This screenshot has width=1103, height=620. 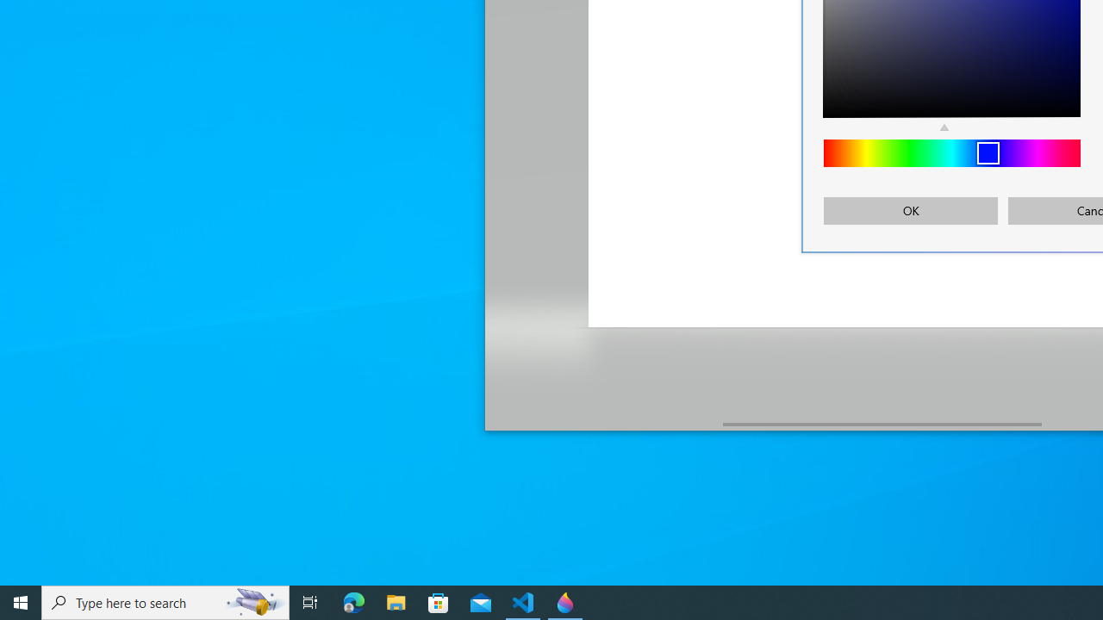 What do you see at coordinates (353, 601) in the screenshot?
I see `'Microsoft Edge'` at bounding box center [353, 601].